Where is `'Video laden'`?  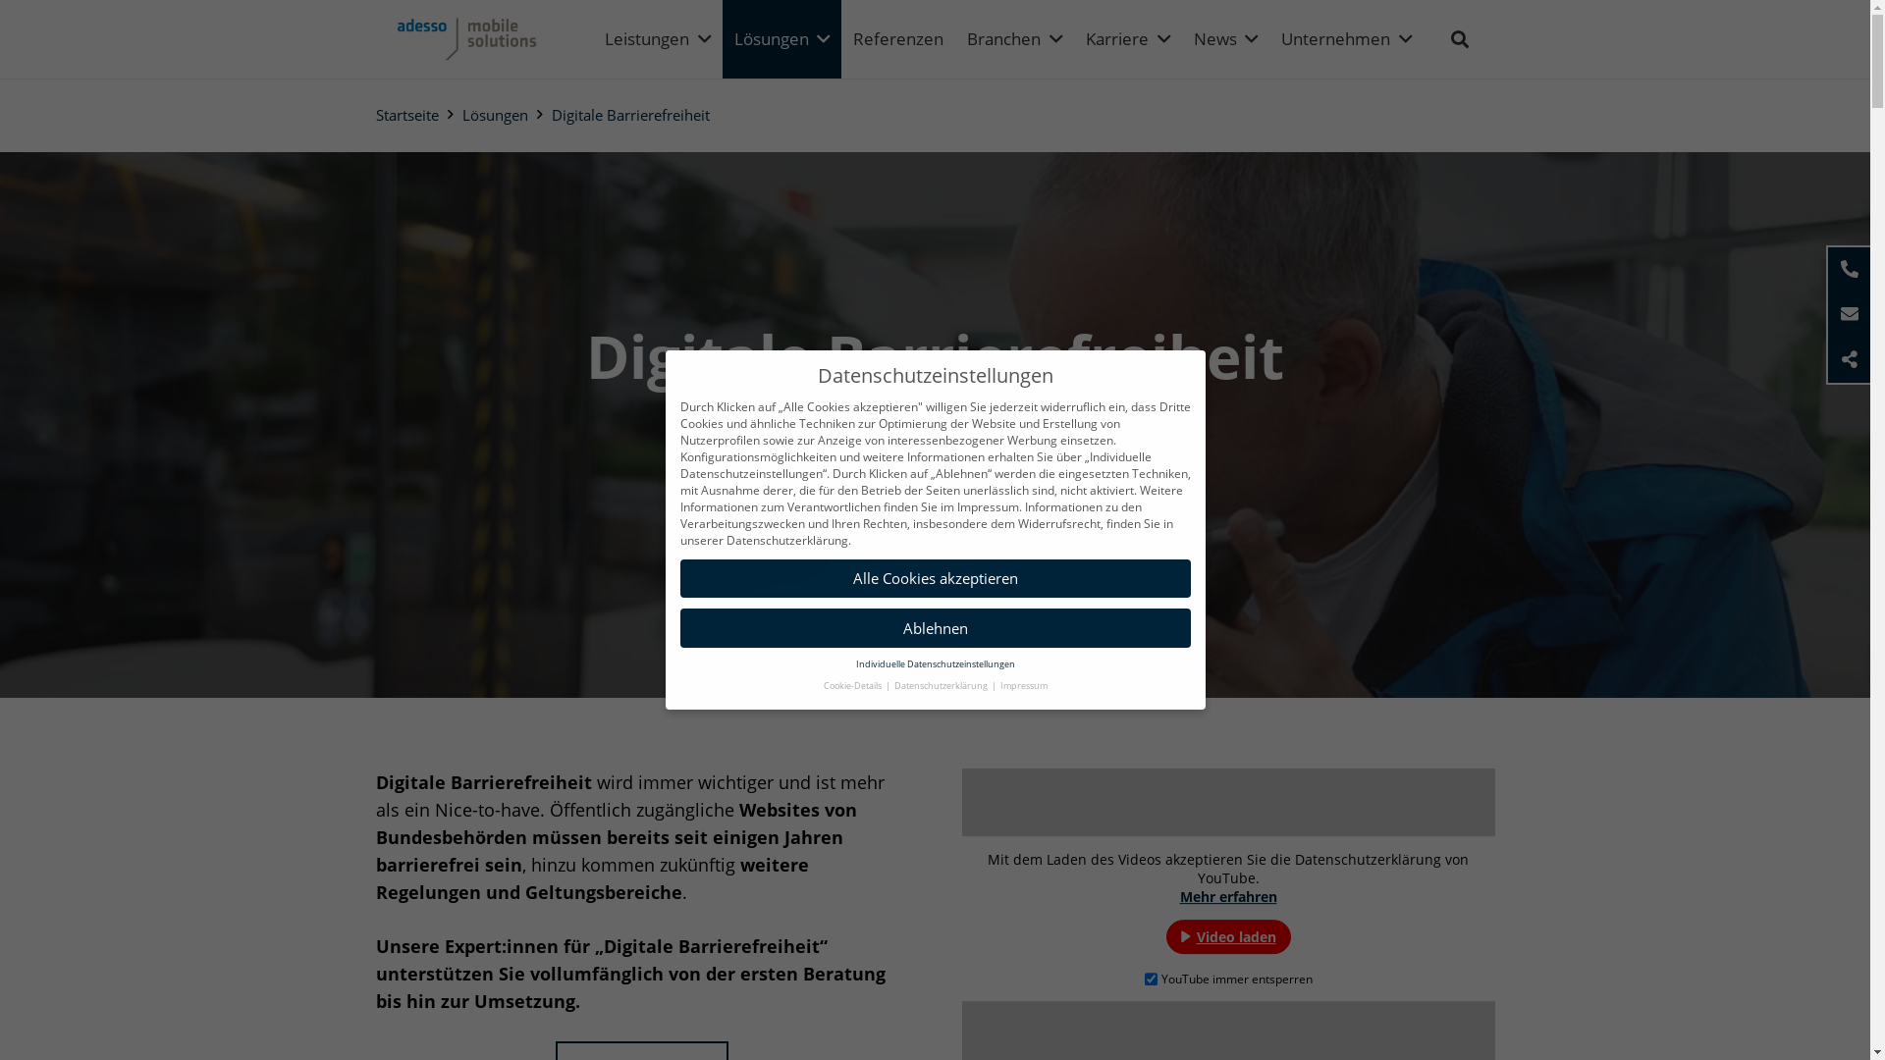 'Video laden' is located at coordinates (1227, 935).